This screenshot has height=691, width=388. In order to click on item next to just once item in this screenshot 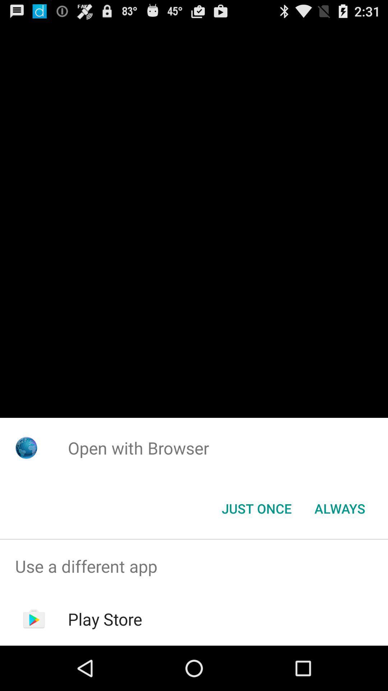, I will do `click(339, 508)`.